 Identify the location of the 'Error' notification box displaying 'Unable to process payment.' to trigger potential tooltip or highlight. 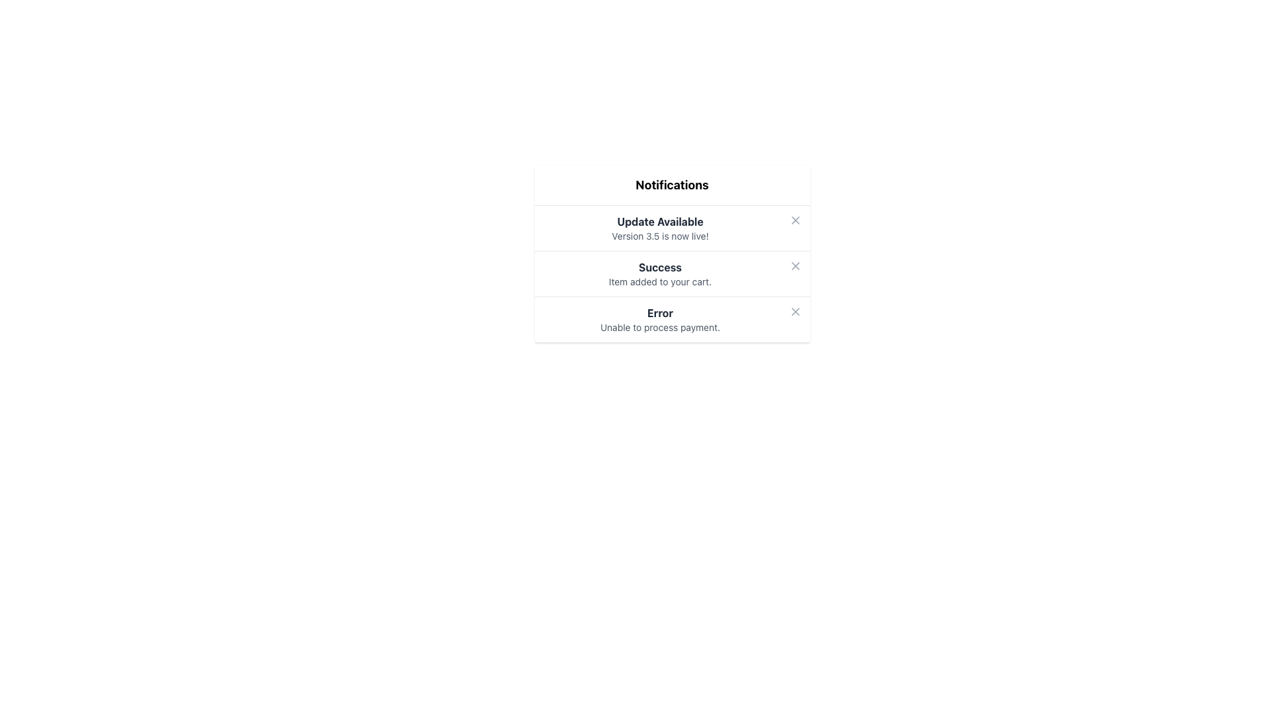
(672, 320).